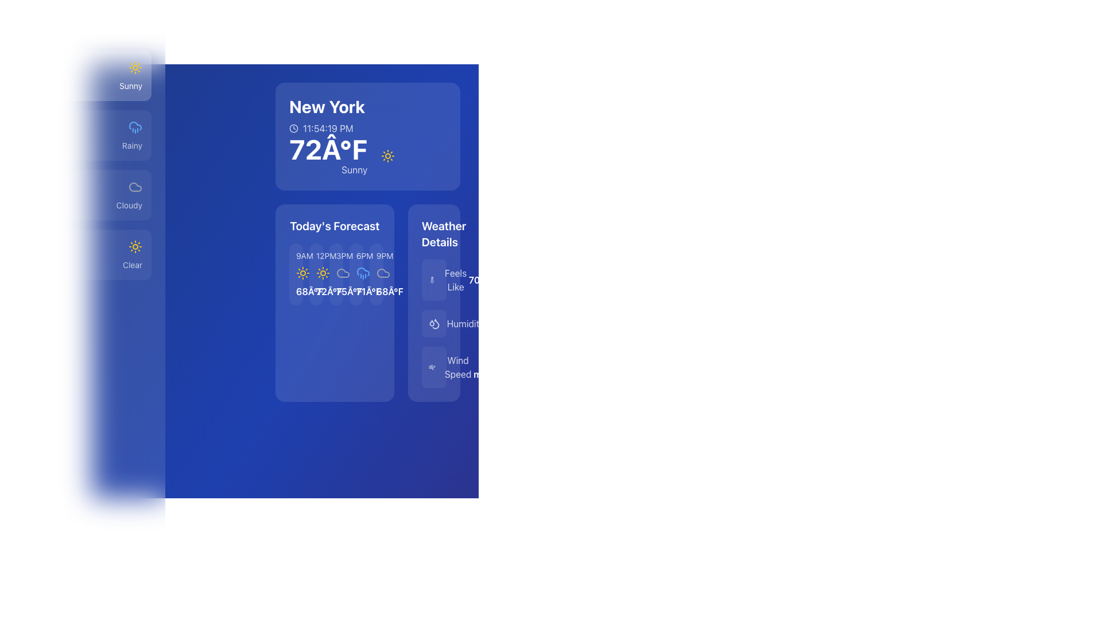 This screenshot has height=620, width=1102. Describe the element at coordinates (456, 323) in the screenshot. I see `the humidity level label with an icon representation, which is centered within the 'Weather Details' panel, located below the 'Feels Like' section and above the 'Wind Speed' section` at that location.